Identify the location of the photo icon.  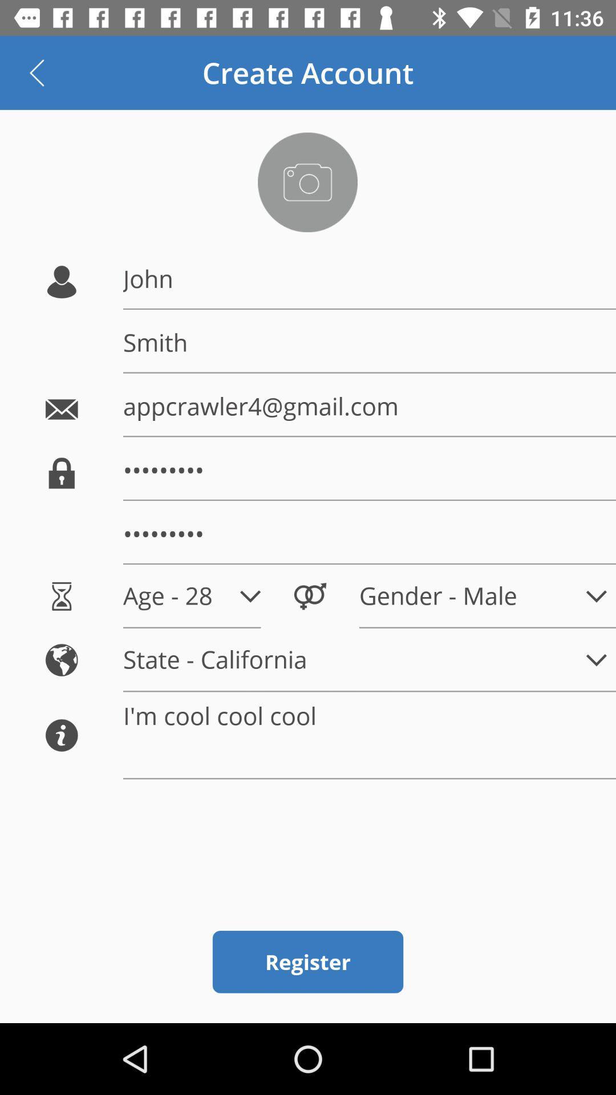
(307, 181).